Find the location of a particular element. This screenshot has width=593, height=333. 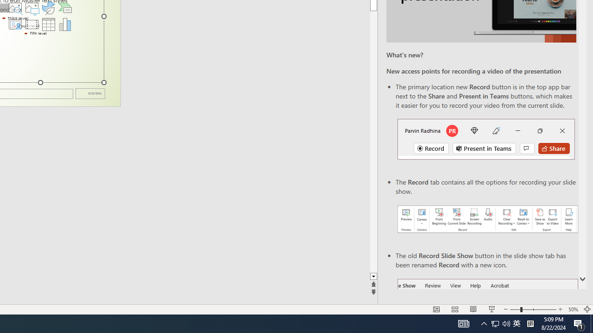

'Reading View' is located at coordinates (473, 309).